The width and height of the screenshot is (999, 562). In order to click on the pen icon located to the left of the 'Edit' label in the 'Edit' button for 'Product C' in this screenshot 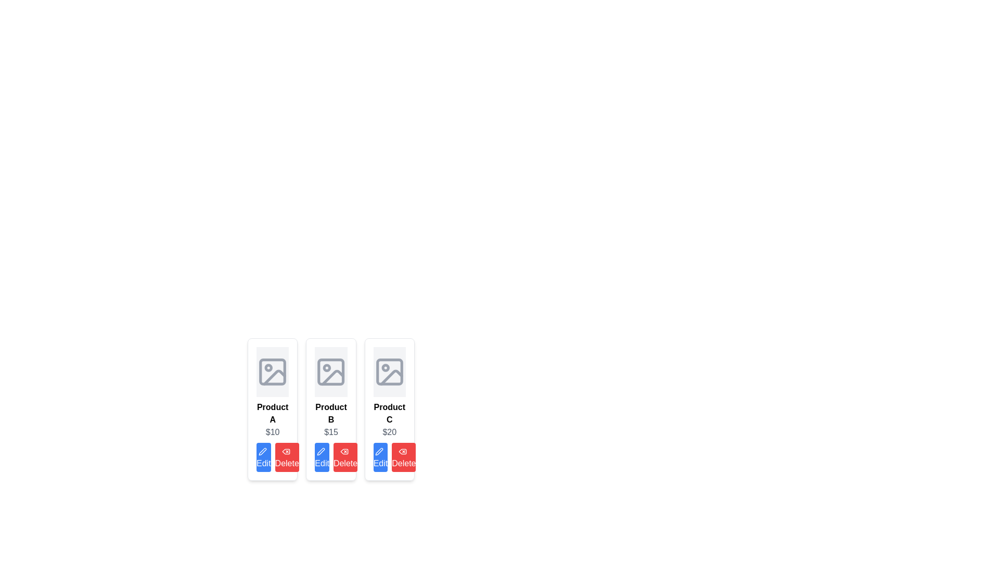, I will do `click(379, 451)`.